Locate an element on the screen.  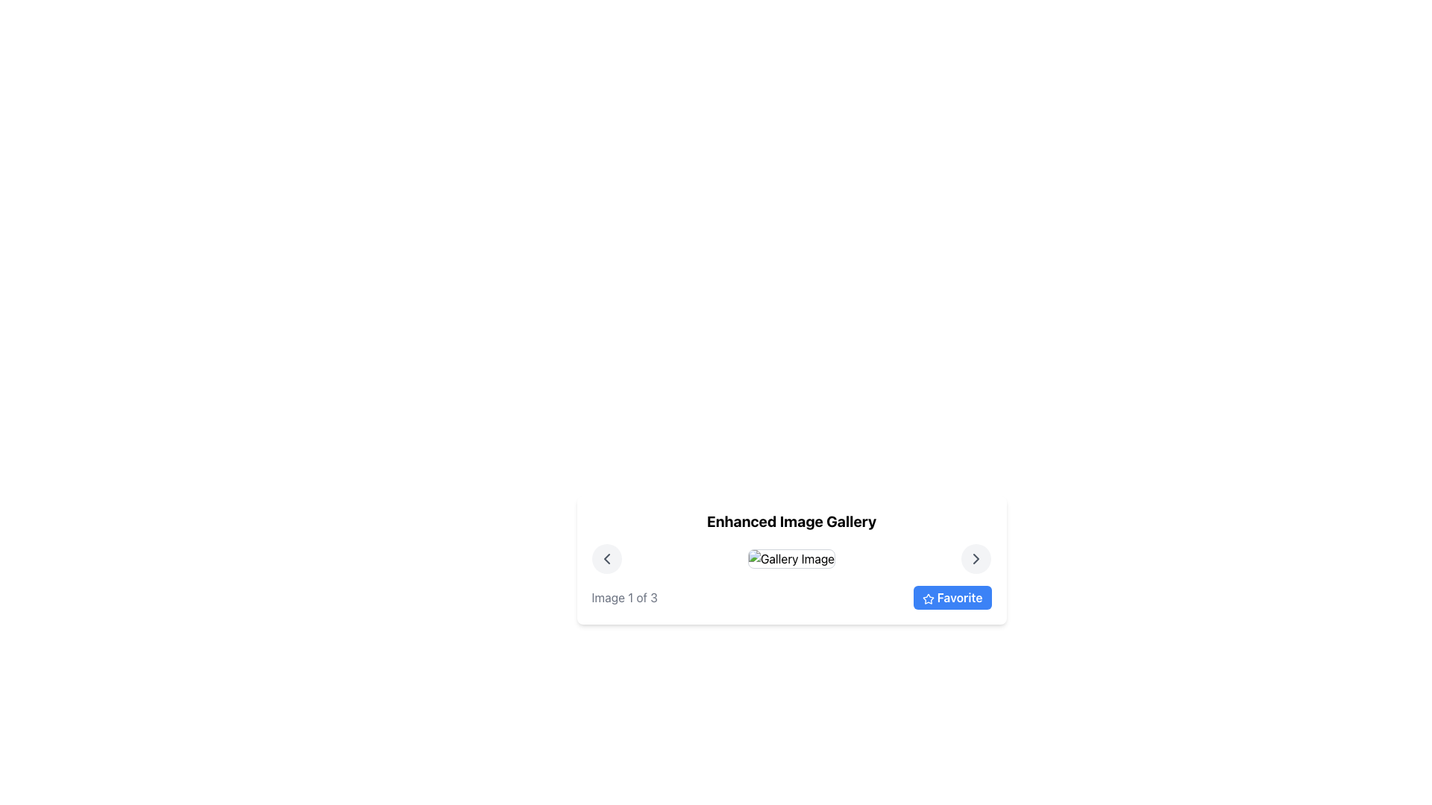
the left navigation button in the gallery interface that navigates to the previous item is located at coordinates (606, 558).